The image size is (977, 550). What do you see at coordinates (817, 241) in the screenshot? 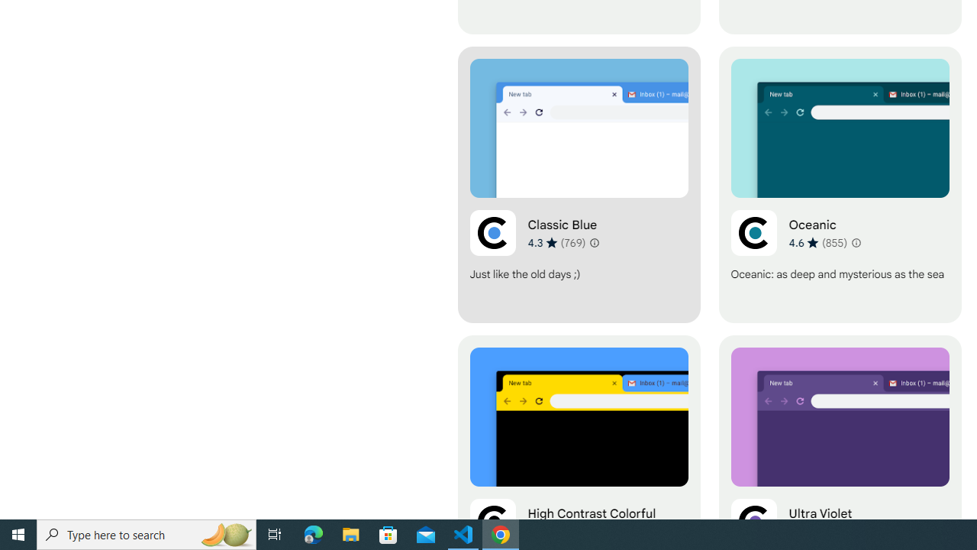
I see `'Average rating 4.6 out of 5 stars. 855 ratings.'` at bounding box center [817, 241].